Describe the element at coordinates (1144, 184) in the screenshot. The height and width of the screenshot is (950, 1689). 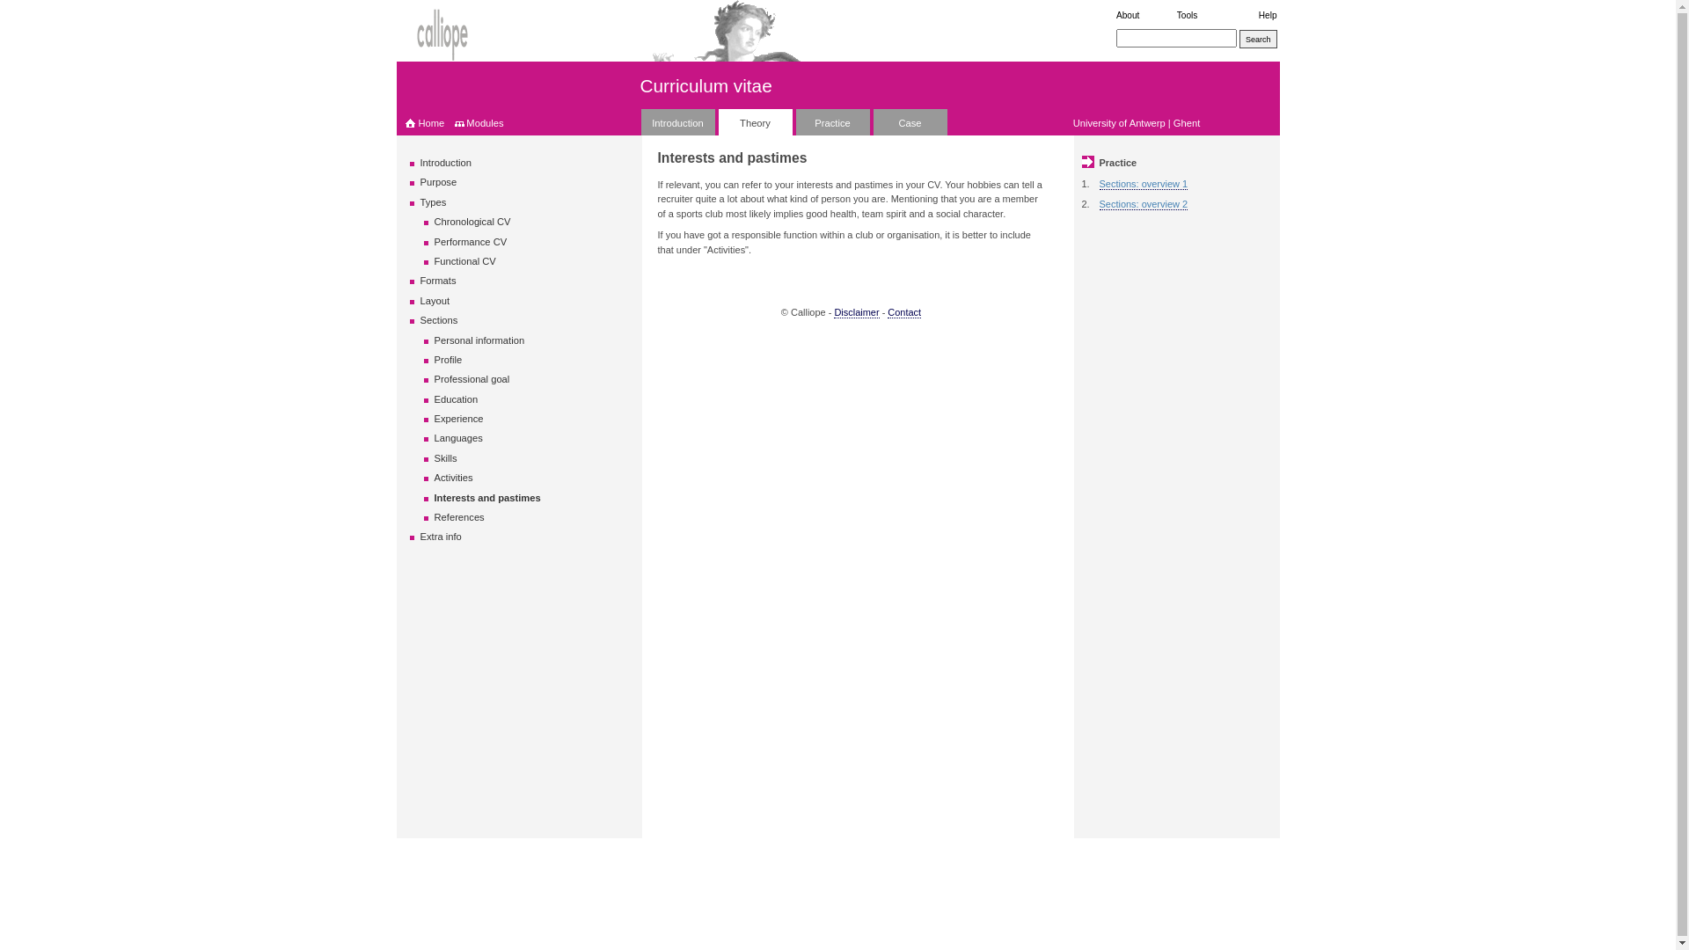
I see `'Sections: overview 1'` at that location.